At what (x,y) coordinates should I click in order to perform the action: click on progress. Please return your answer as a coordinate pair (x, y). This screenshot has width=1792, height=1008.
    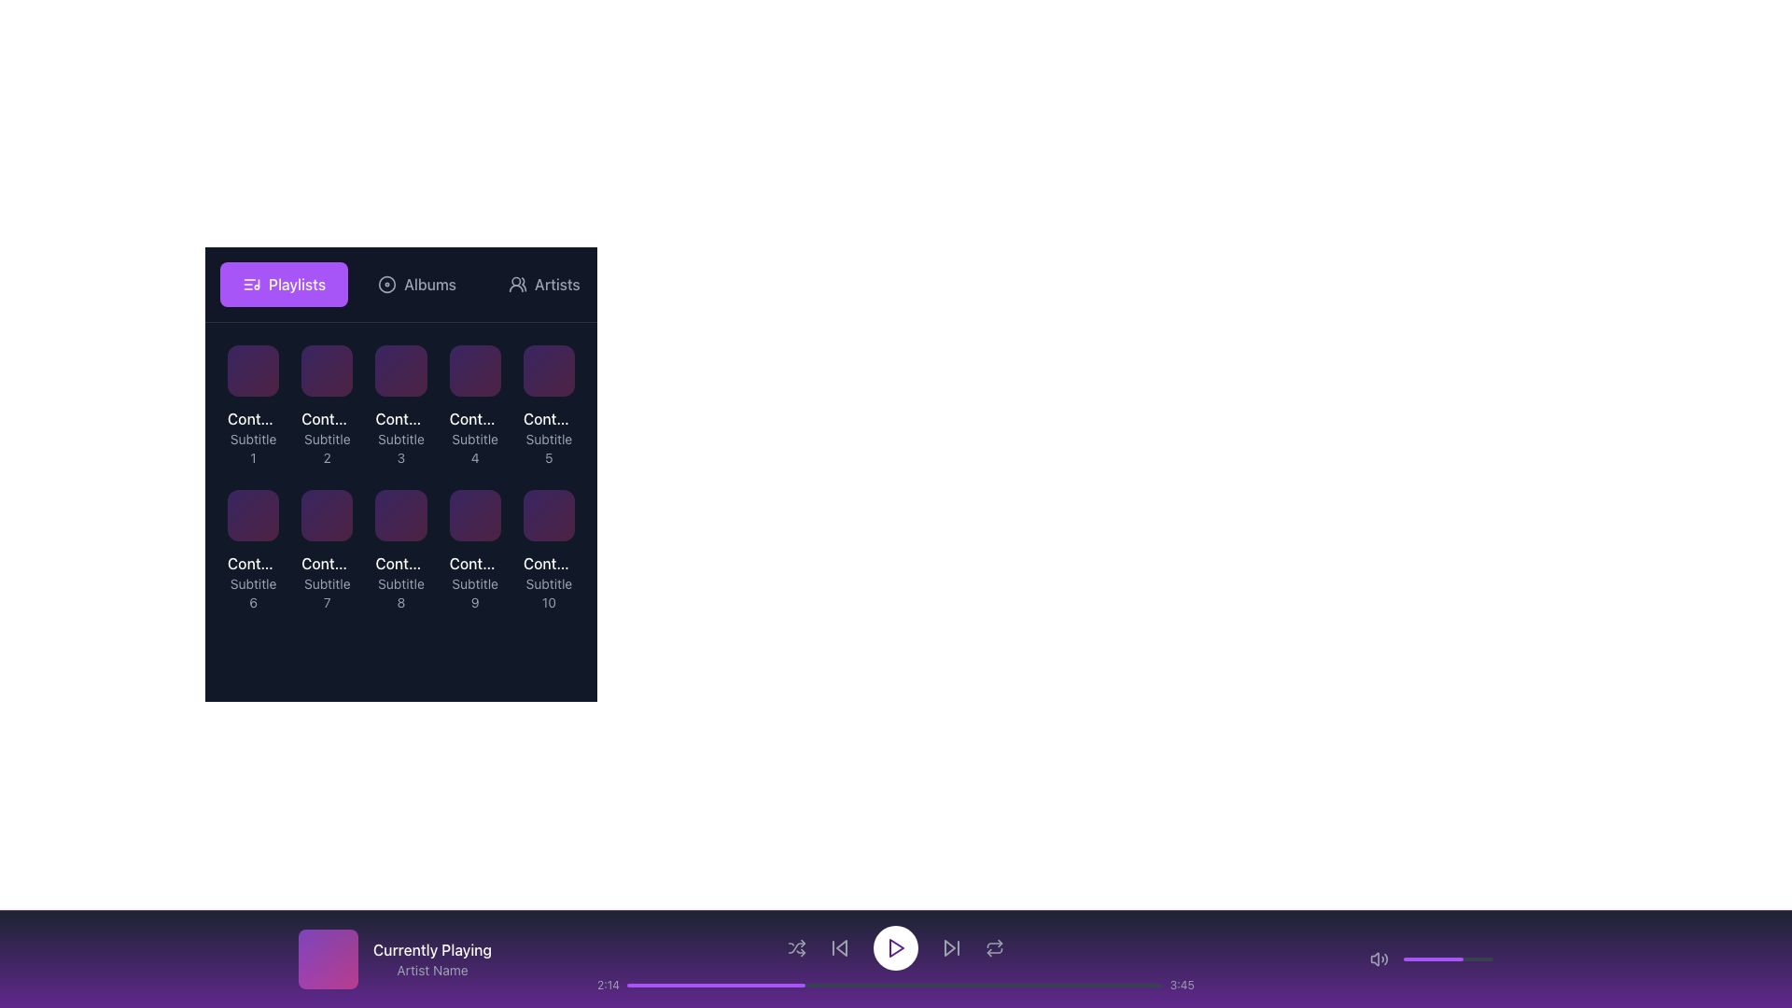
    Looking at the image, I should click on (964, 985).